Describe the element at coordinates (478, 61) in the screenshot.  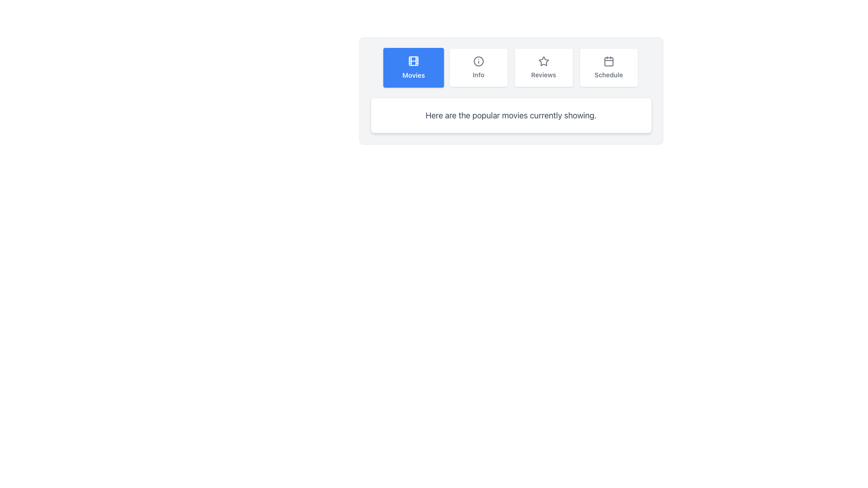
I see `the informational icon located in the 'Info' section, which is the second item from the left in the navigation options, positioned above the text label 'Info.'` at that location.